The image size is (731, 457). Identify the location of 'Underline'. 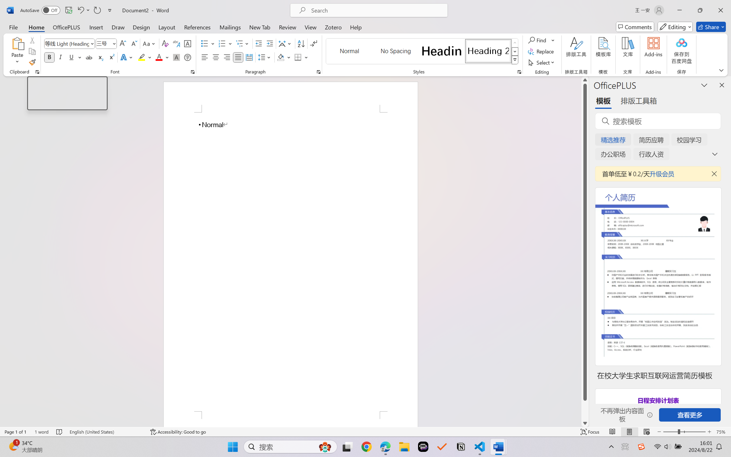
(71, 57).